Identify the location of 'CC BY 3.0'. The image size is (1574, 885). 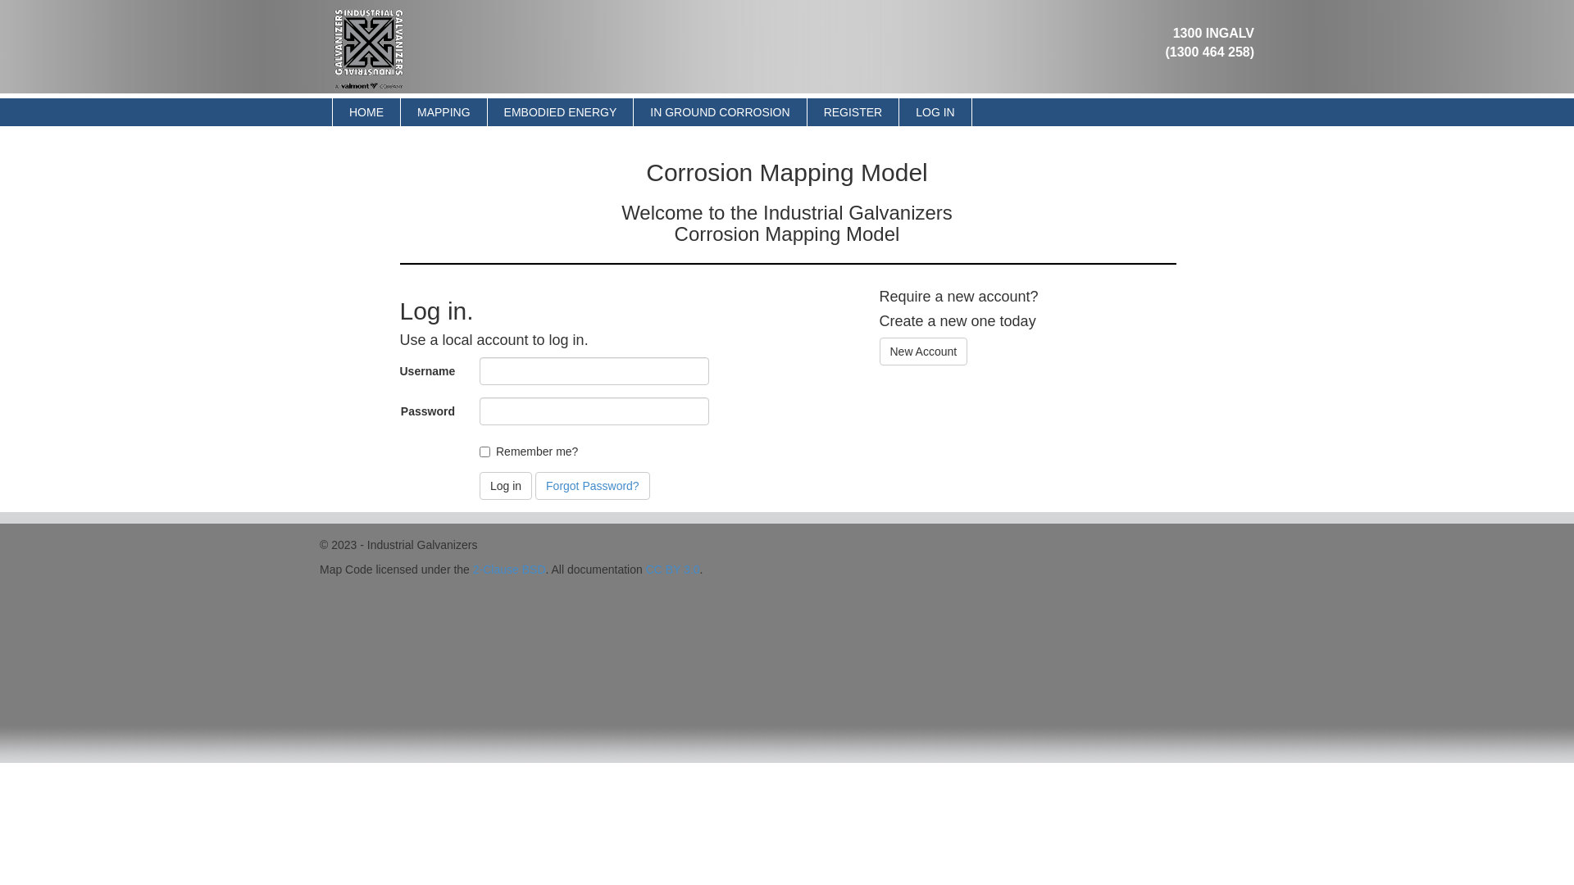
(672, 568).